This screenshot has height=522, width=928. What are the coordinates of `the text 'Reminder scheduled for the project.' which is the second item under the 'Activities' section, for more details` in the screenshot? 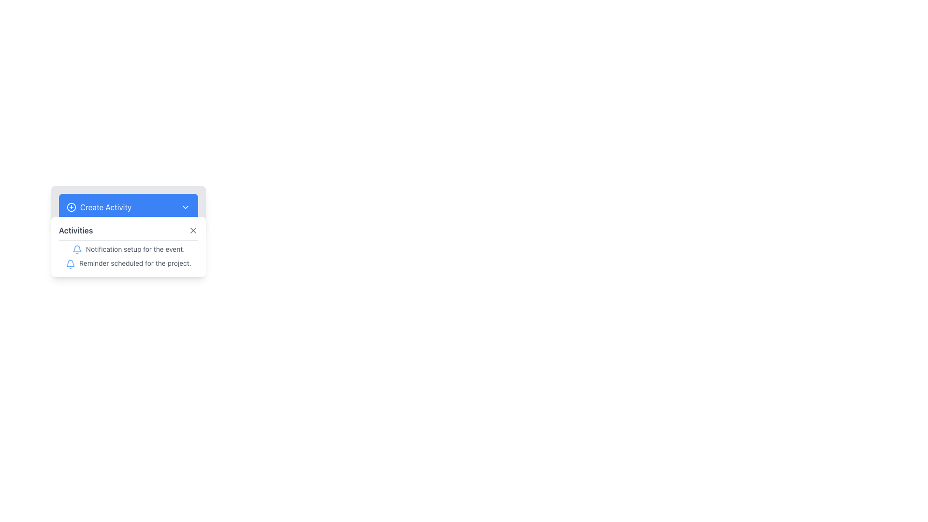 It's located at (128, 263).